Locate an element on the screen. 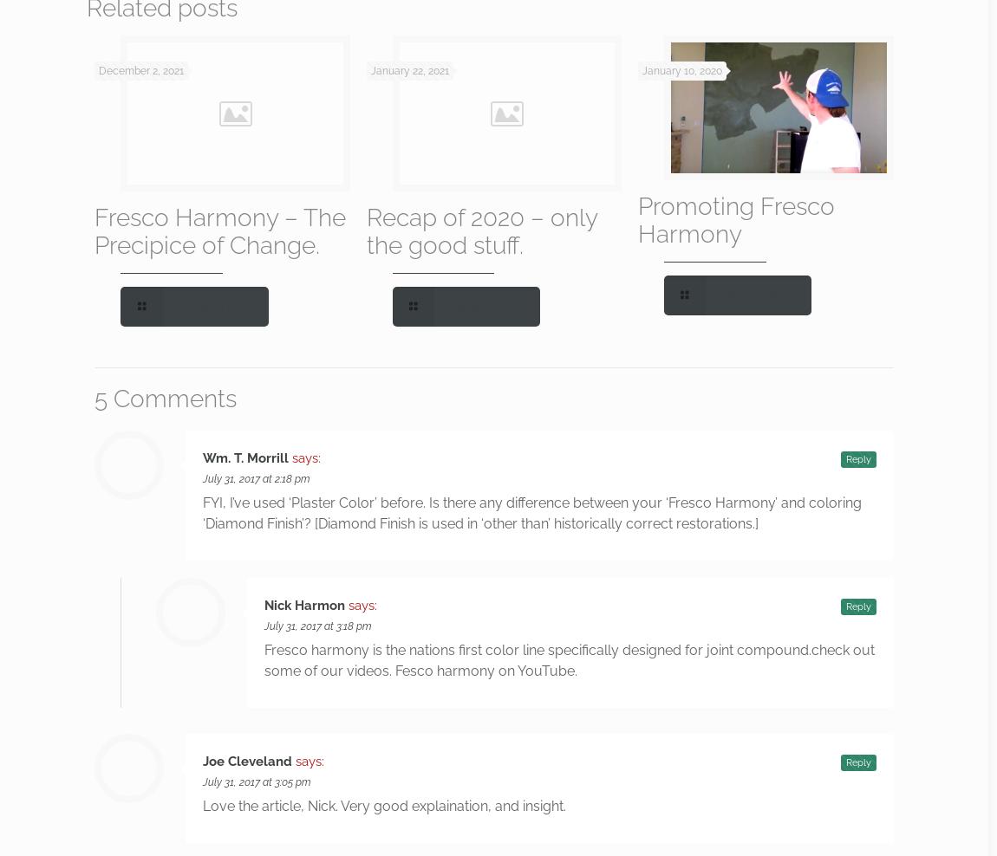 This screenshot has height=856, width=997. 'Joe Cleveland' is located at coordinates (202, 761).